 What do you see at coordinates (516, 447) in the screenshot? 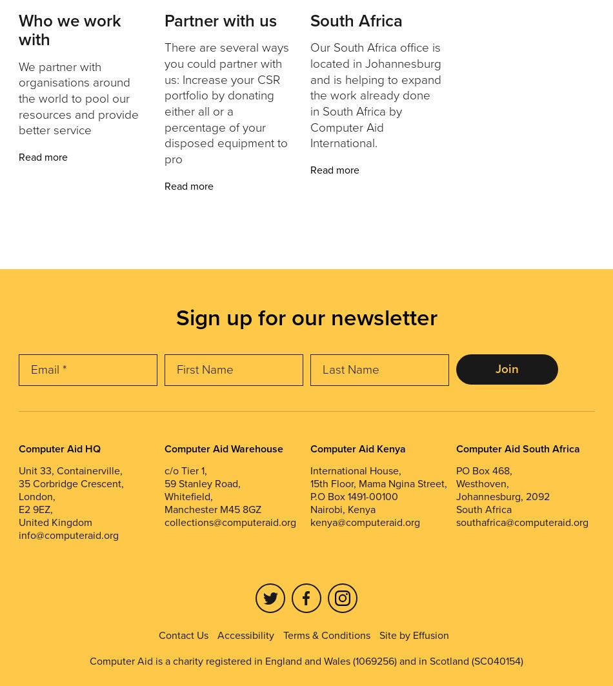
I see `'Computer Aid South Africa'` at bounding box center [516, 447].